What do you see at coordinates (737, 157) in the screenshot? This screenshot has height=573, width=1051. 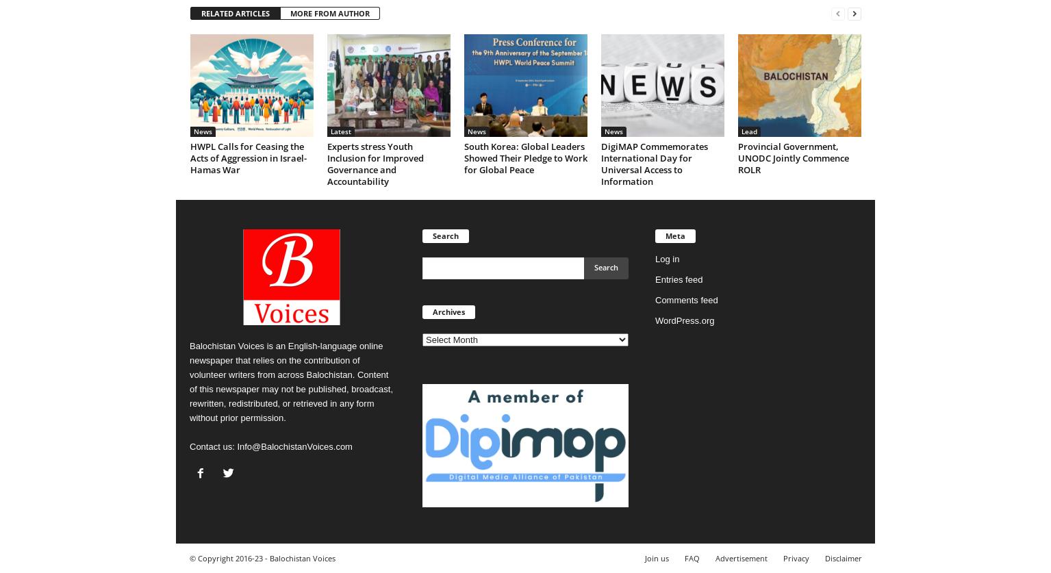 I see `'Provincial Government, UNODC Jointly Commence ROLR'` at bounding box center [737, 157].